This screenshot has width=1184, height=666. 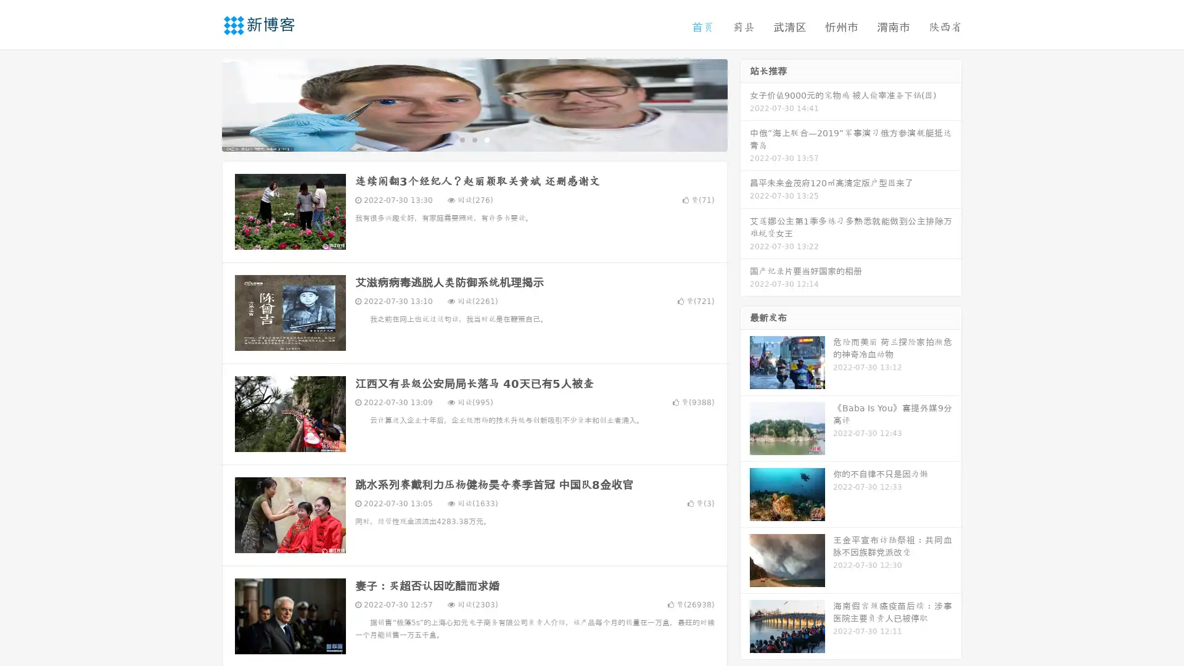 What do you see at coordinates (745, 104) in the screenshot?
I see `Next slide` at bounding box center [745, 104].